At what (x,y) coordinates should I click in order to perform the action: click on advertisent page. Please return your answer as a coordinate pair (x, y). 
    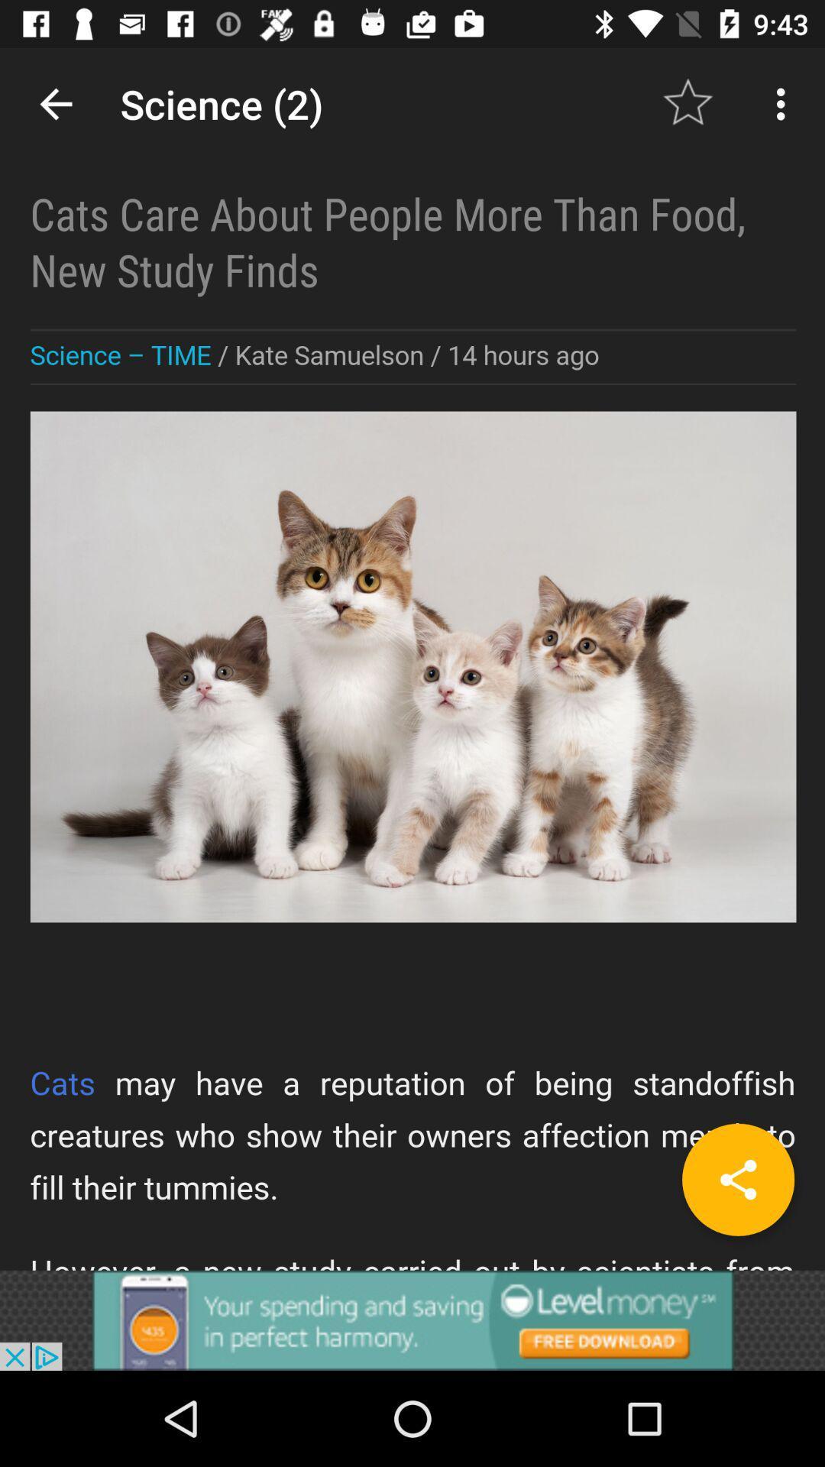
    Looking at the image, I should click on (412, 1320).